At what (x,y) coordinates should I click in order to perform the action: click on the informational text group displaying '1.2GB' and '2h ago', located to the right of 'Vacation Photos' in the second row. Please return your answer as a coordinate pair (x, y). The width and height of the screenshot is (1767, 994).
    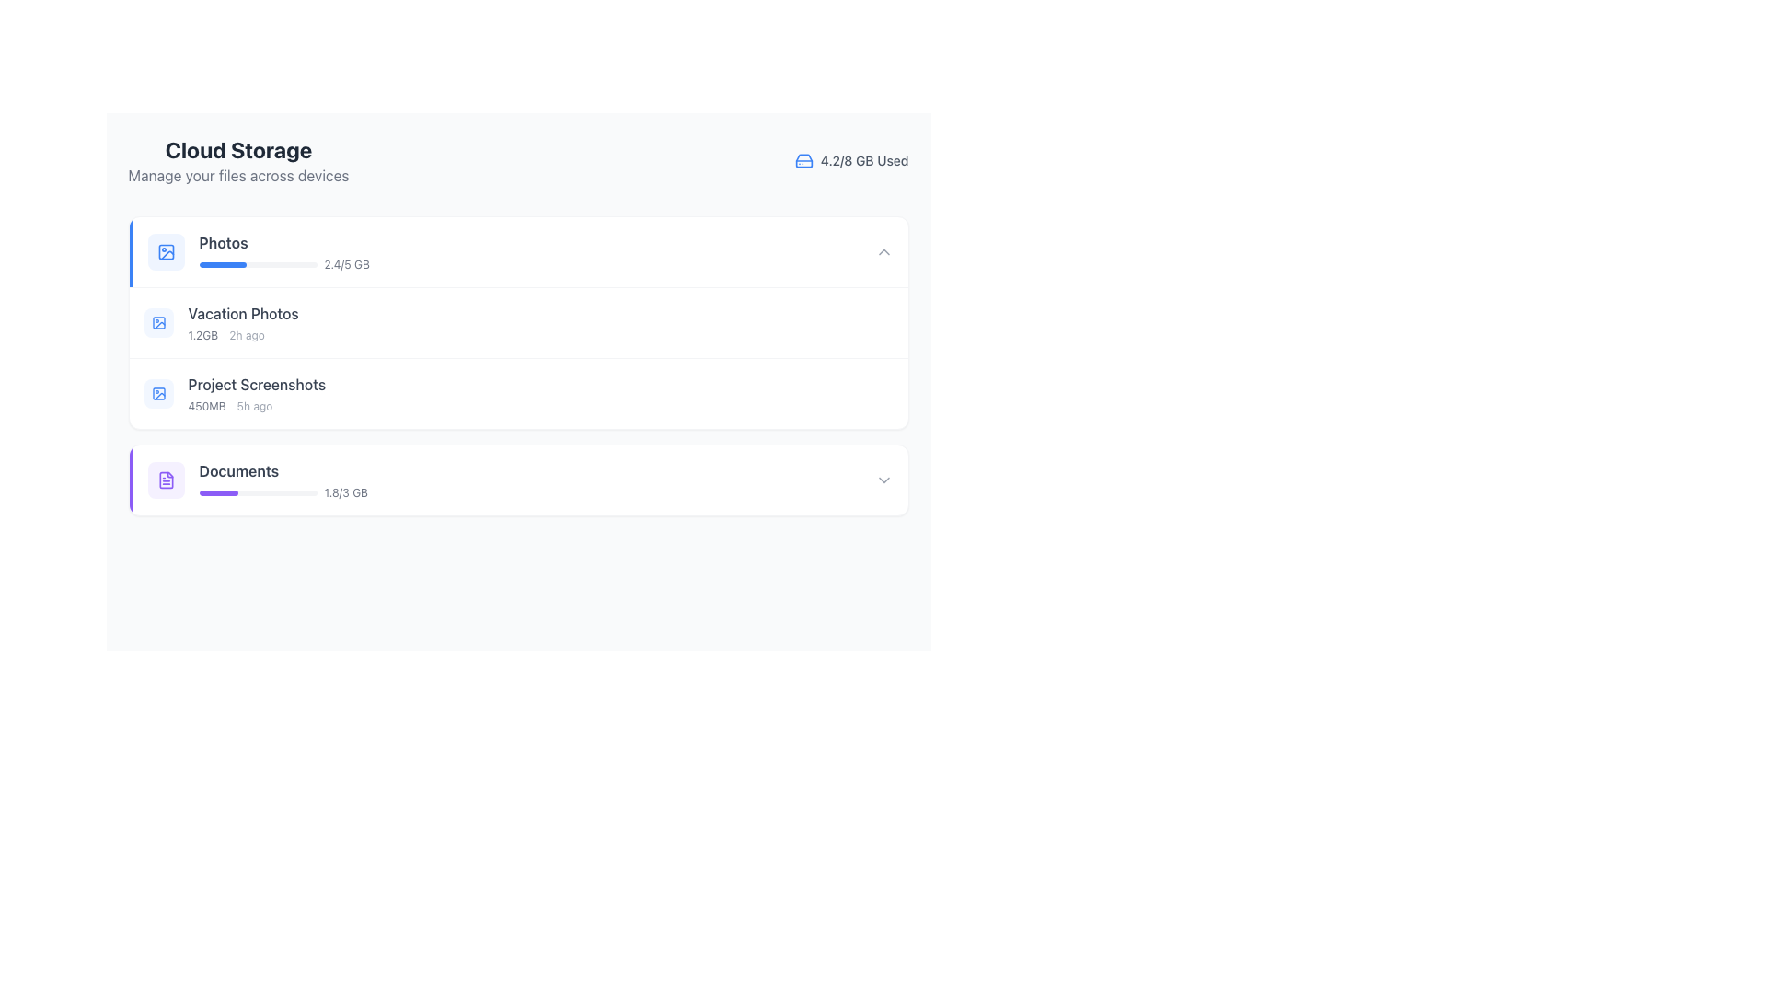
    Looking at the image, I should click on (242, 336).